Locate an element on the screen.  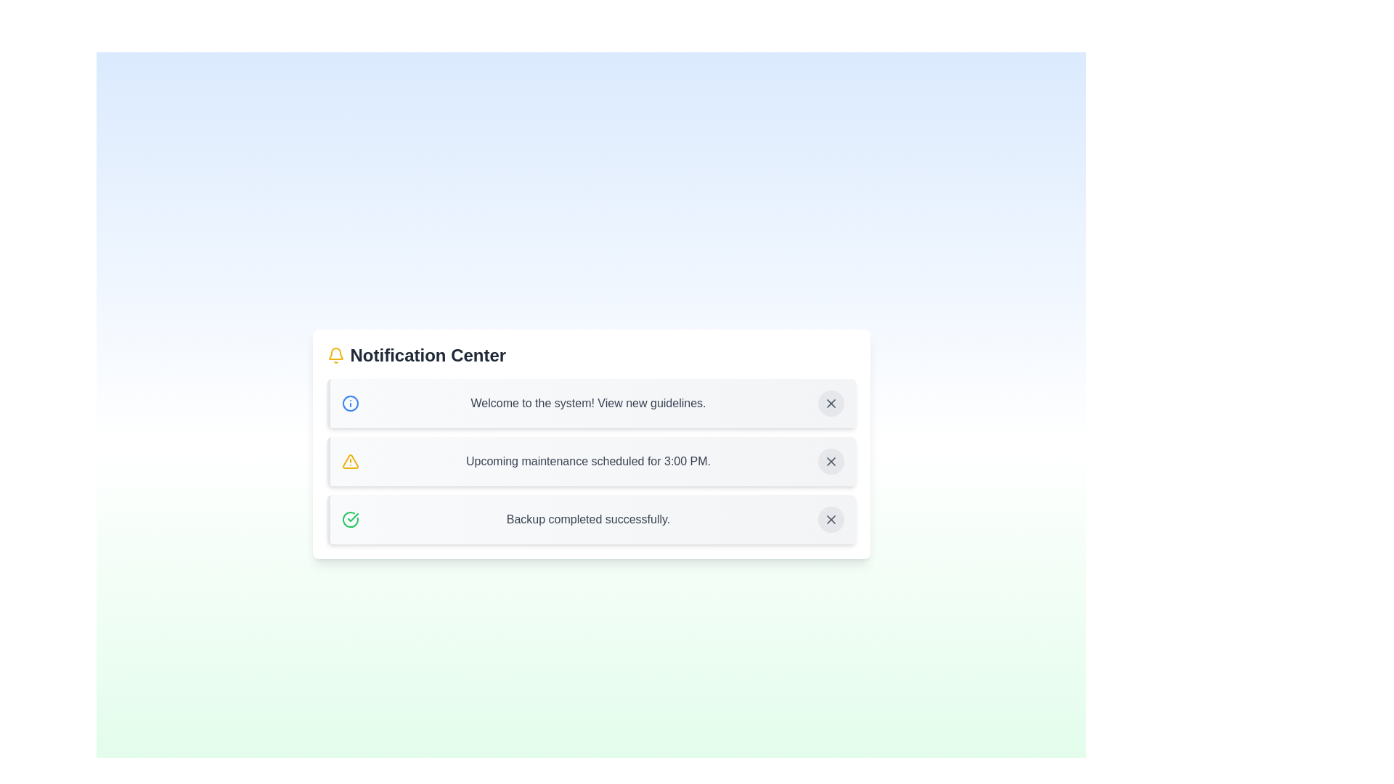
notification text displayed on the first notification card in the notification center, which is positioned below the 'Notification Center' header is located at coordinates (591, 403).